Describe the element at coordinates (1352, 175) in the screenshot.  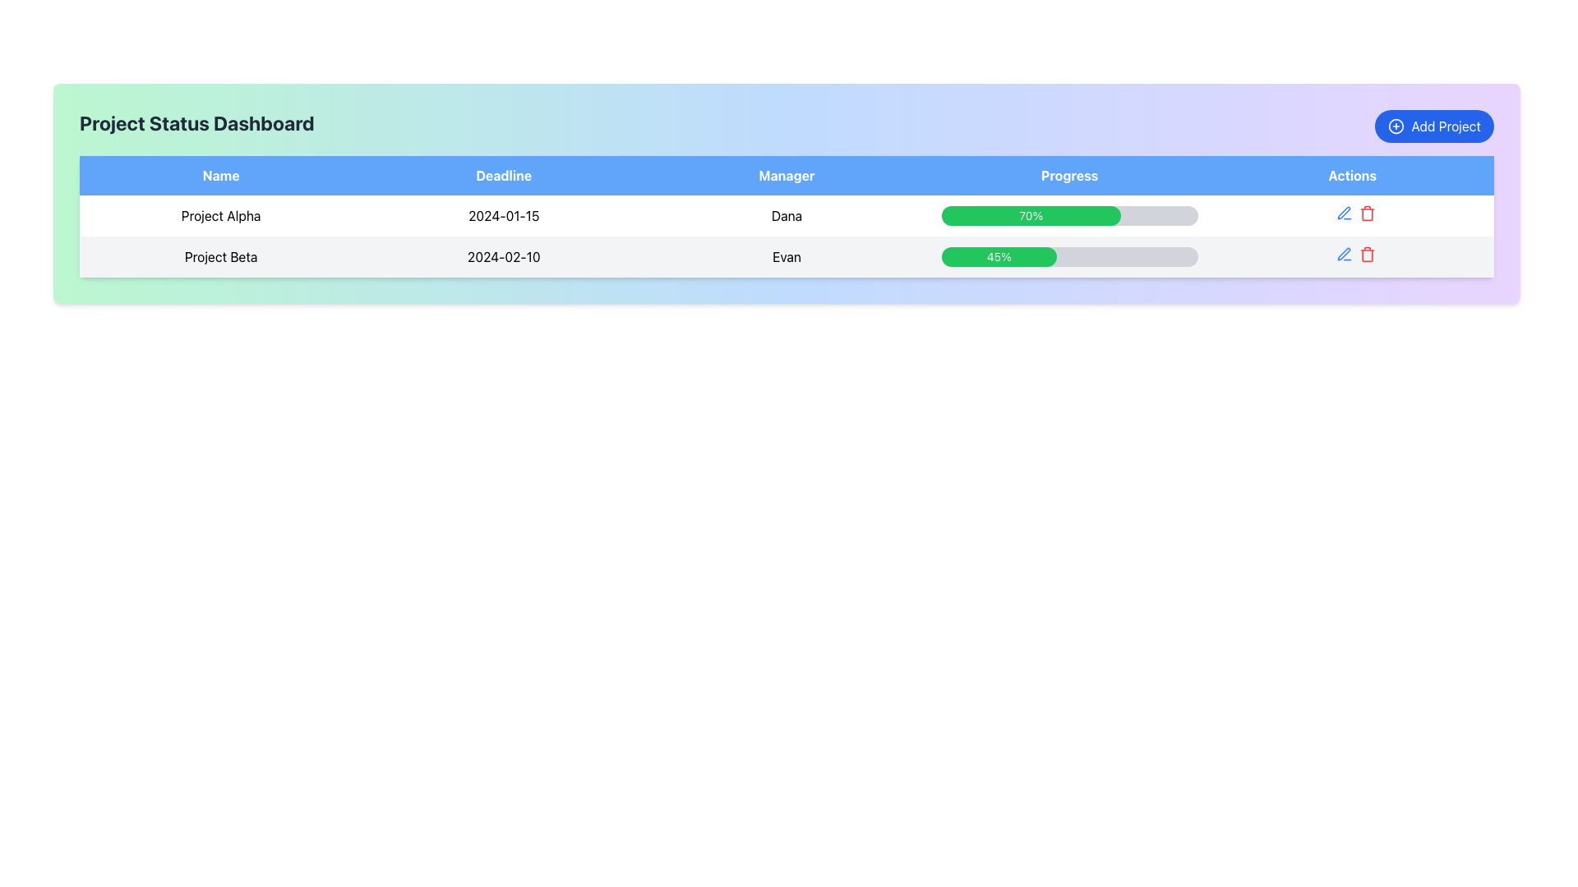
I see `the blue rectangular area labeled 'Actions', which is the fifth column header of the table, aligned at the top-right adjacent to the 'Progress' column header` at that location.